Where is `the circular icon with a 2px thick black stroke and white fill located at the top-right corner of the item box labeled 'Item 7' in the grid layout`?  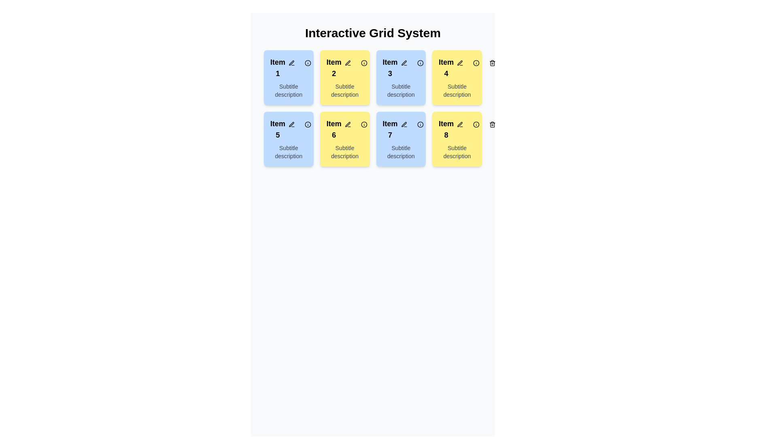
the circular icon with a 2px thick black stroke and white fill located at the top-right corner of the item box labeled 'Item 7' in the grid layout is located at coordinates (420, 125).